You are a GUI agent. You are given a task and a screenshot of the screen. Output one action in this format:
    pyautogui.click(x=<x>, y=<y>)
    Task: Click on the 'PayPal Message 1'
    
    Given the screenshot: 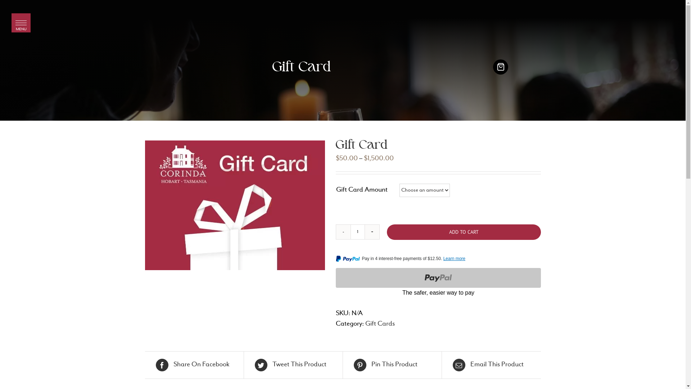 What is the action you would take?
    pyautogui.click(x=438, y=260)
    